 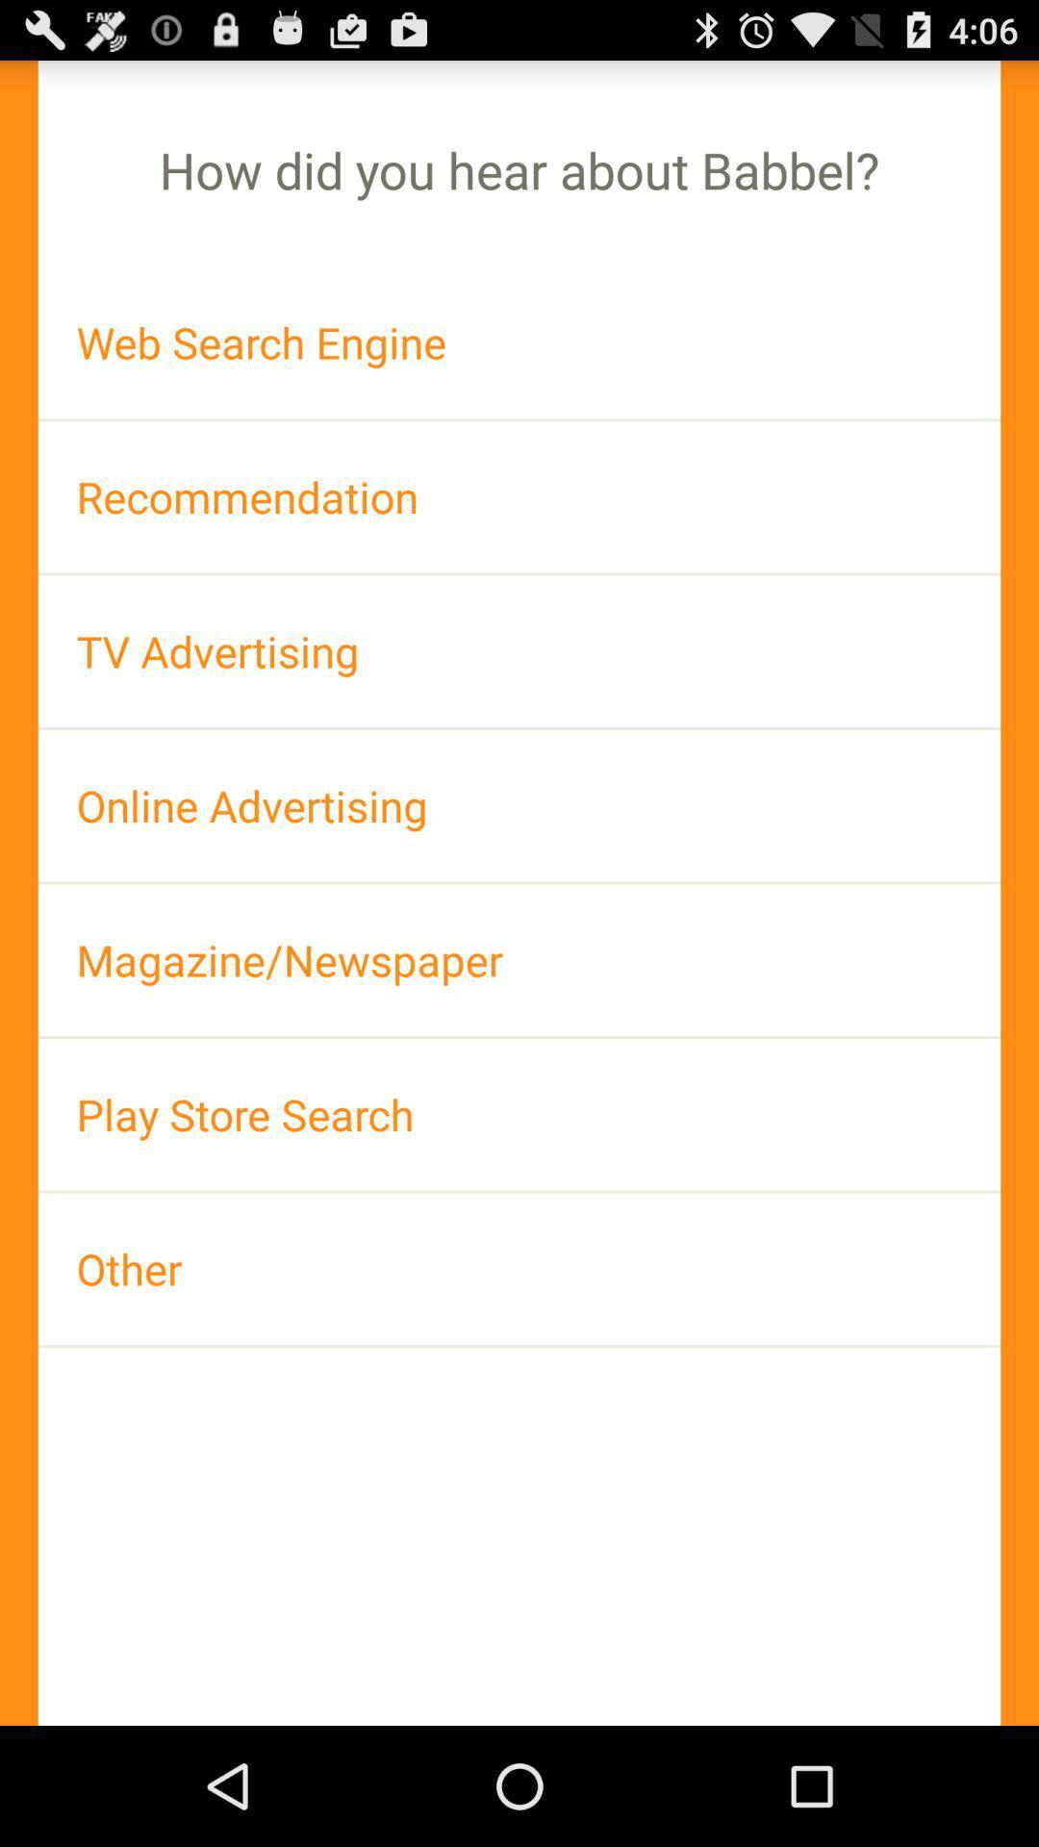 What do you see at coordinates (519, 1269) in the screenshot?
I see `other app` at bounding box center [519, 1269].